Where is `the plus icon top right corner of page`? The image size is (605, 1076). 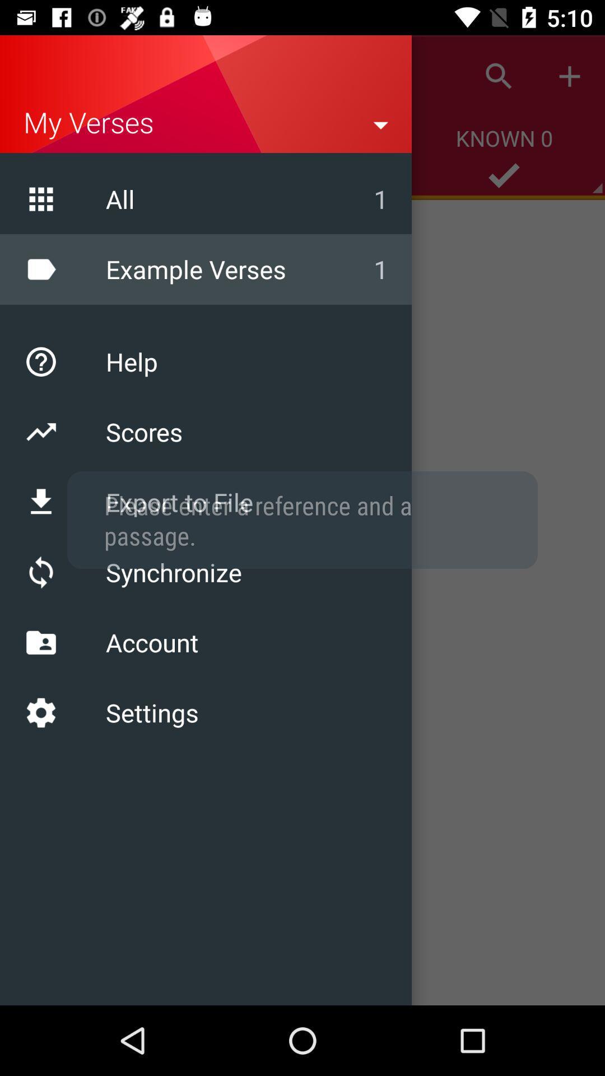 the plus icon top right corner of page is located at coordinates (570, 76).